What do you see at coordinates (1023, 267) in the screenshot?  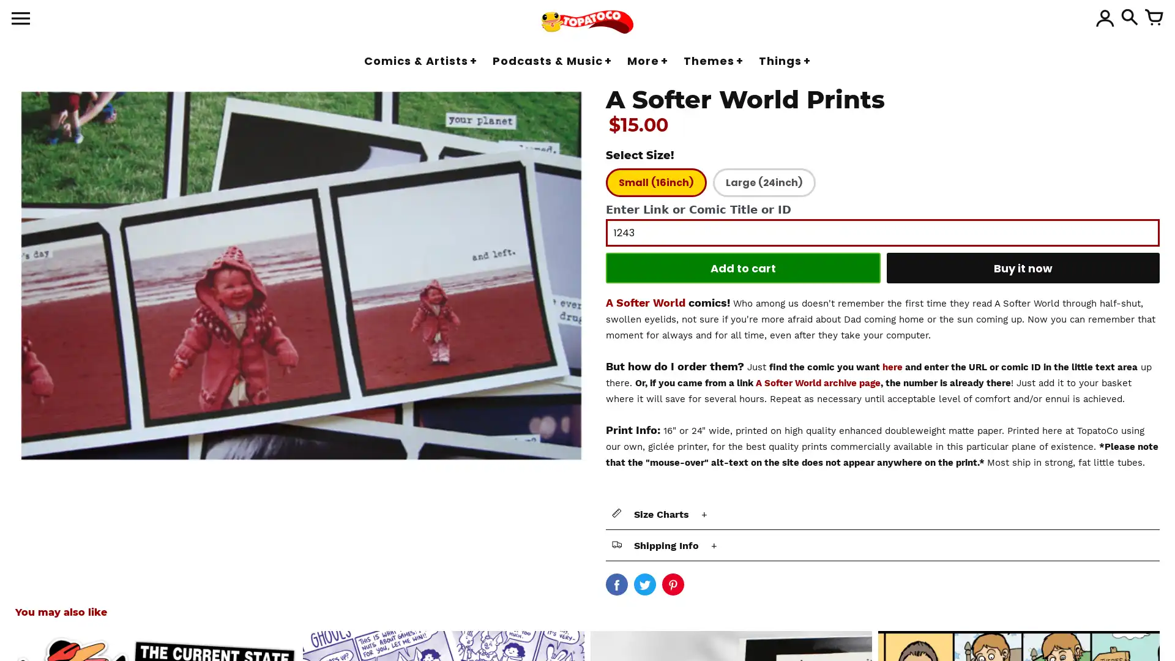 I see `Buy it now` at bounding box center [1023, 267].